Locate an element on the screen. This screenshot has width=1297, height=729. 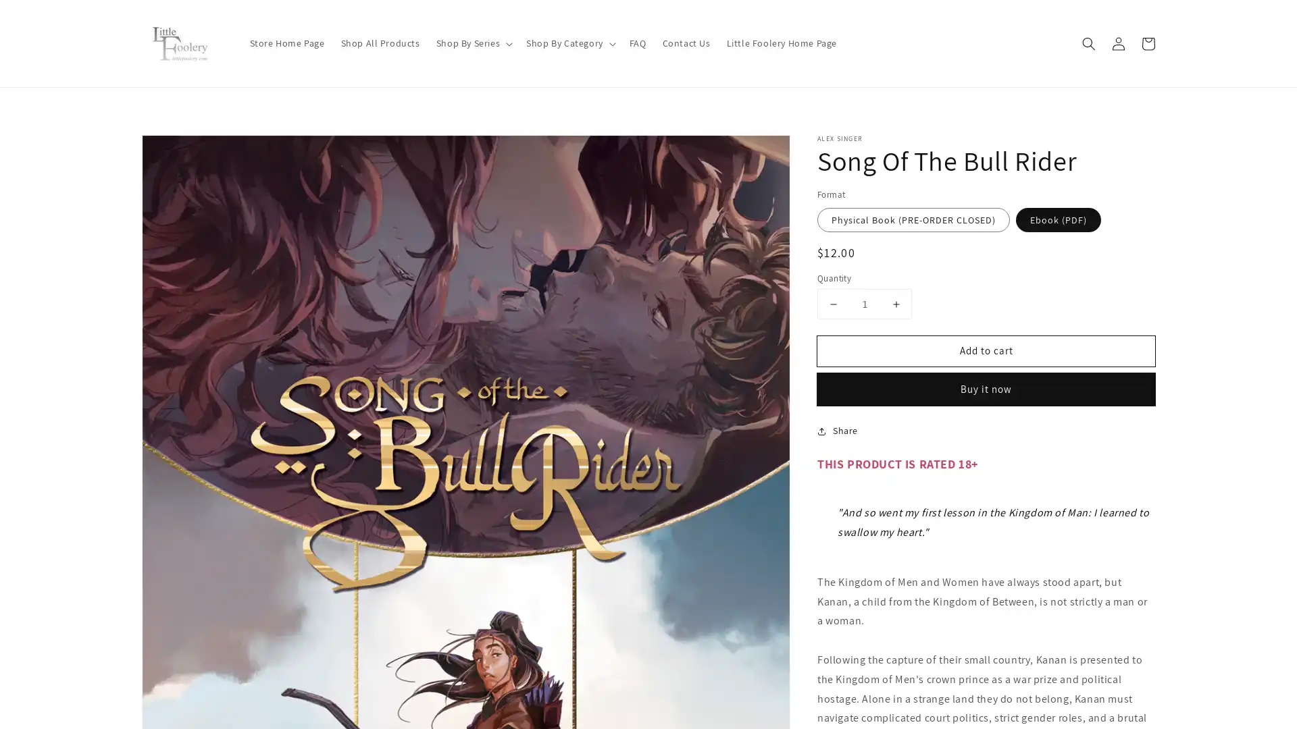
Buy it now is located at coordinates (986, 389).